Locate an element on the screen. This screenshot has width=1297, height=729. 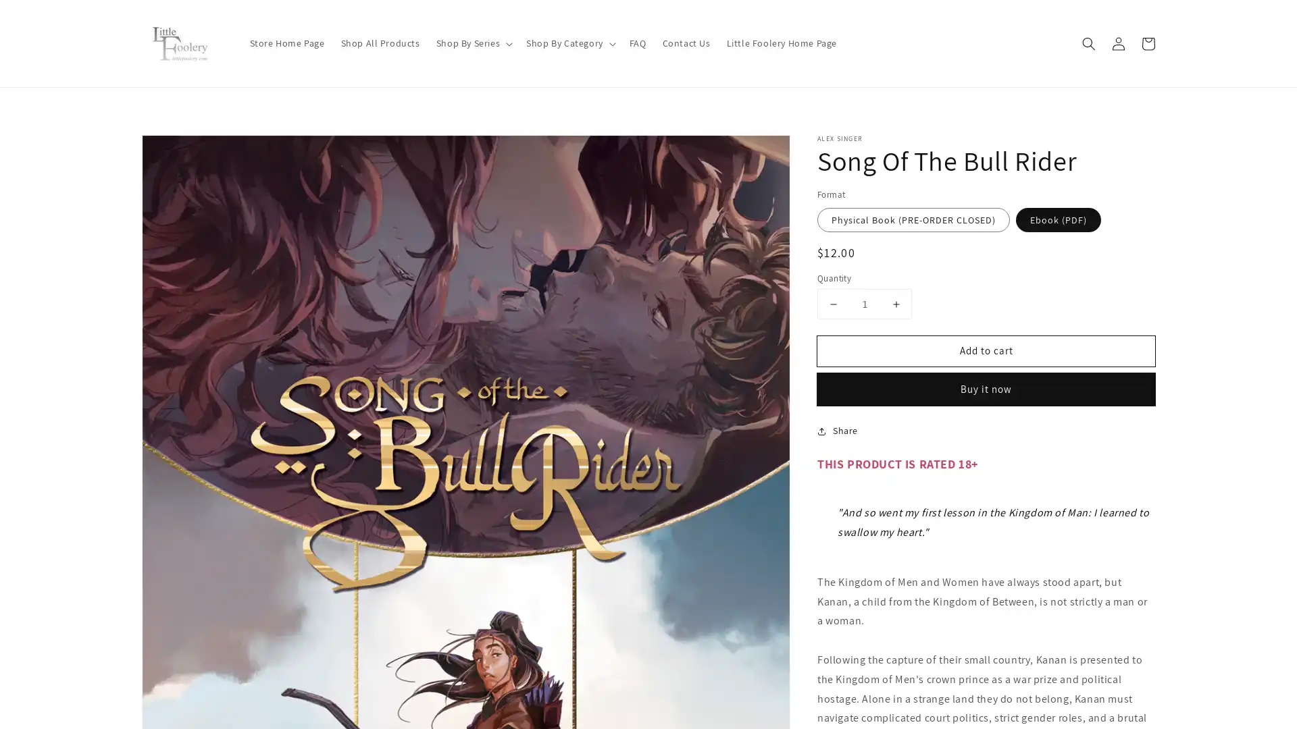
Buy it now is located at coordinates (986, 389).